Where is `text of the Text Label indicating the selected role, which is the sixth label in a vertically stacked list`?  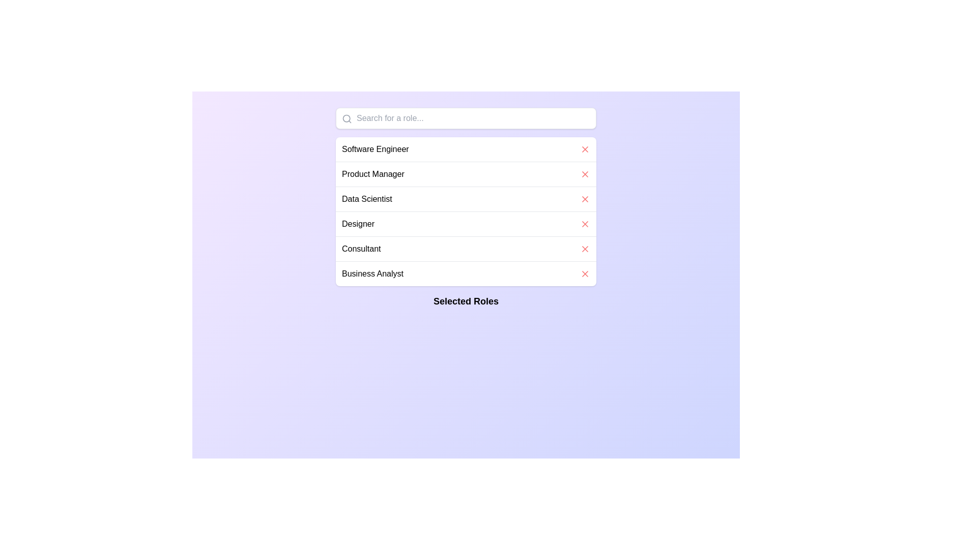 text of the Text Label indicating the selected role, which is the sixth label in a vertically stacked list is located at coordinates (372, 273).